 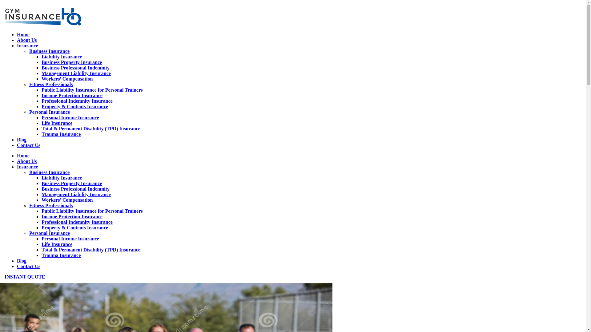 What do you see at coordinates (42, 16) in the screenshot?
I see `'logo'` at bounding box center [42, 16].